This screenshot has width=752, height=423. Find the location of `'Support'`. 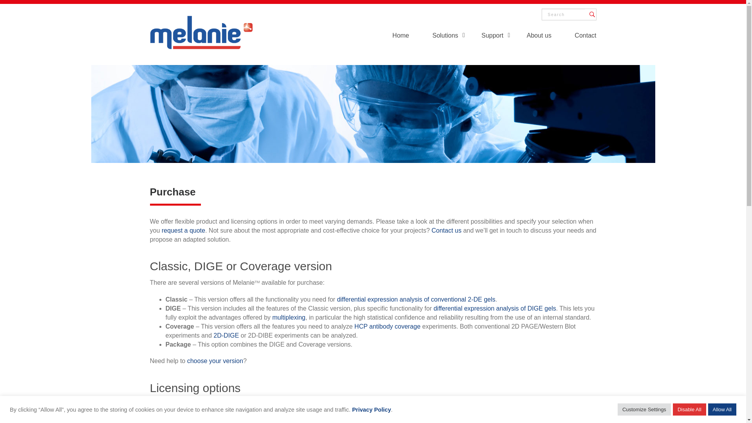

'Support' is located at coordinates (492, 36).